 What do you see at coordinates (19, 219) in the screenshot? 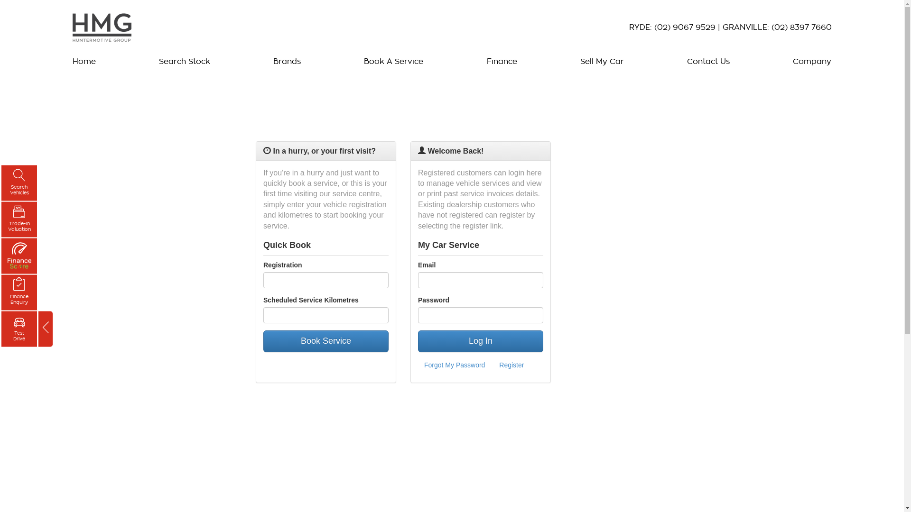
I see `'Trade-In` at bounding box center [19, 219].